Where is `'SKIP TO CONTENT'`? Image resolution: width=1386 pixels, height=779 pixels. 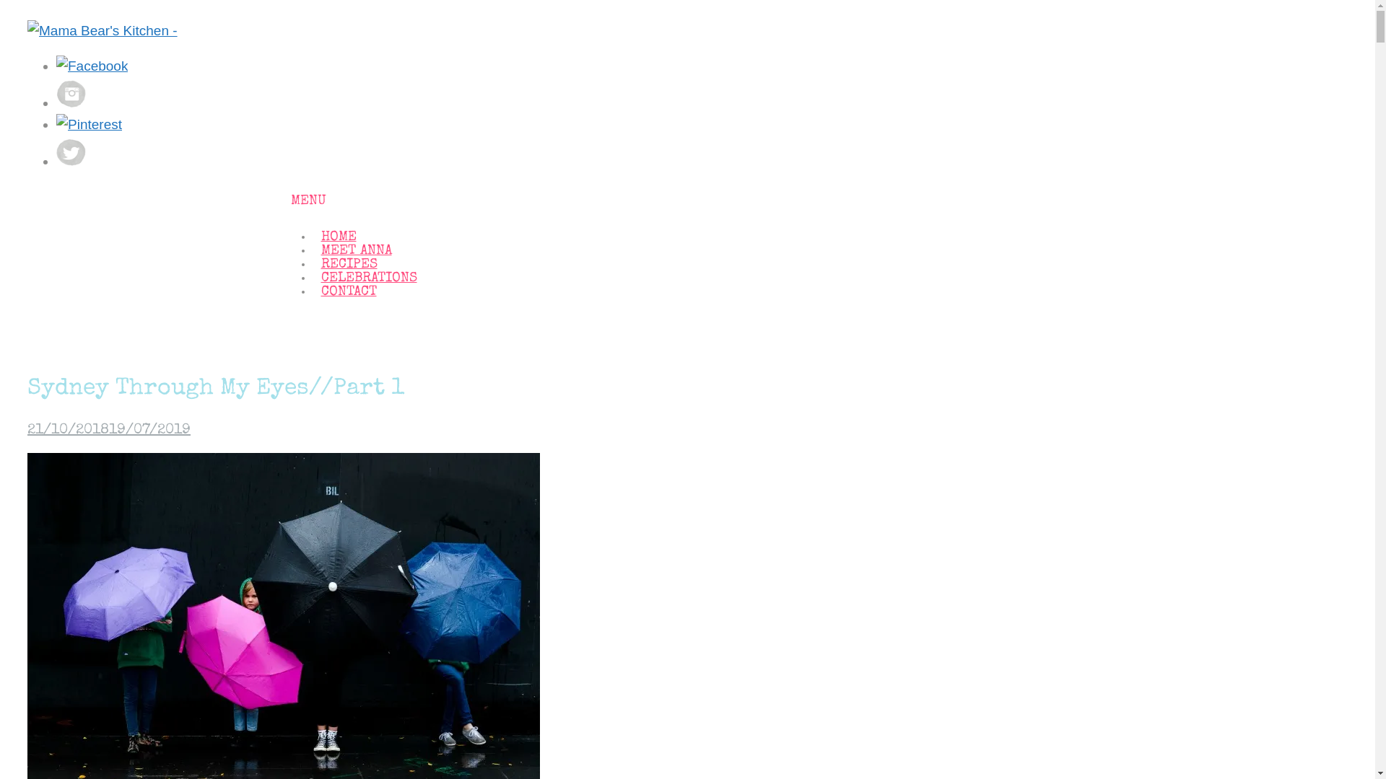
'SKIP TO CONTENT' is located at coordinates (289, 225).